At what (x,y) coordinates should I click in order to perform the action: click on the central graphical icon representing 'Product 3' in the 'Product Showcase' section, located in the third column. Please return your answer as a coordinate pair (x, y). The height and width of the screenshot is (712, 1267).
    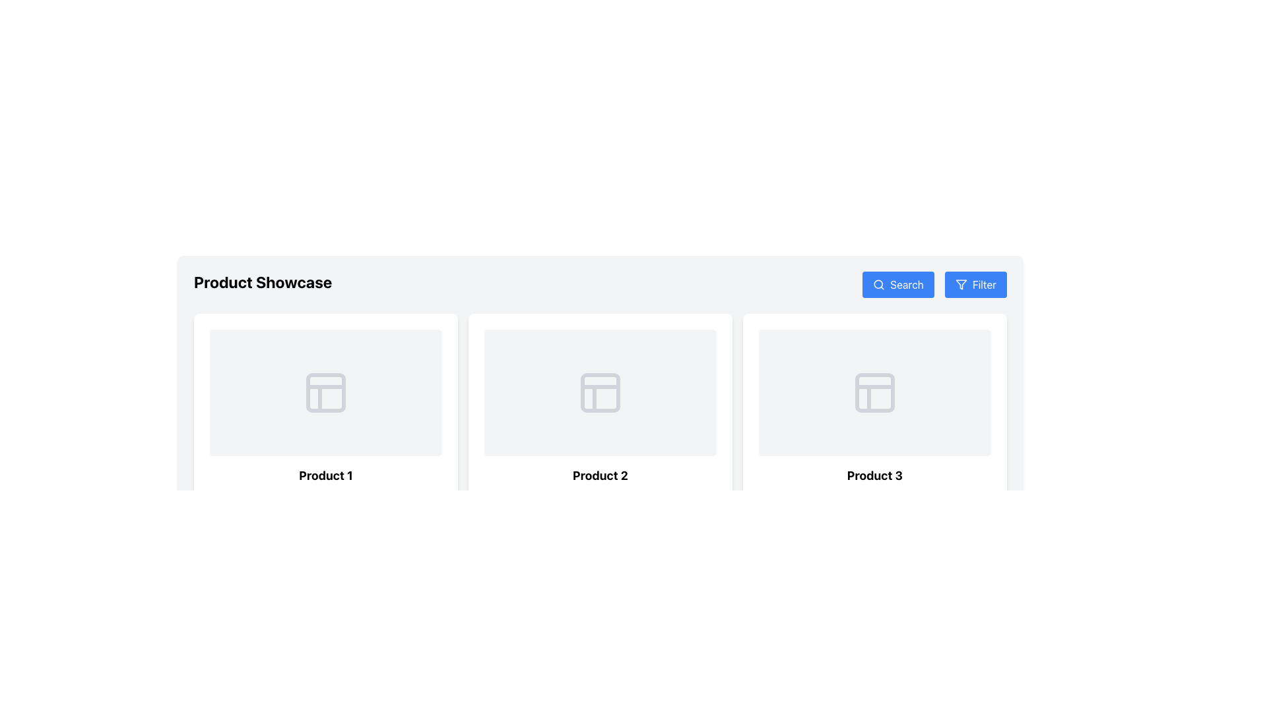
    Looking at the image, I should click on (874, 392).